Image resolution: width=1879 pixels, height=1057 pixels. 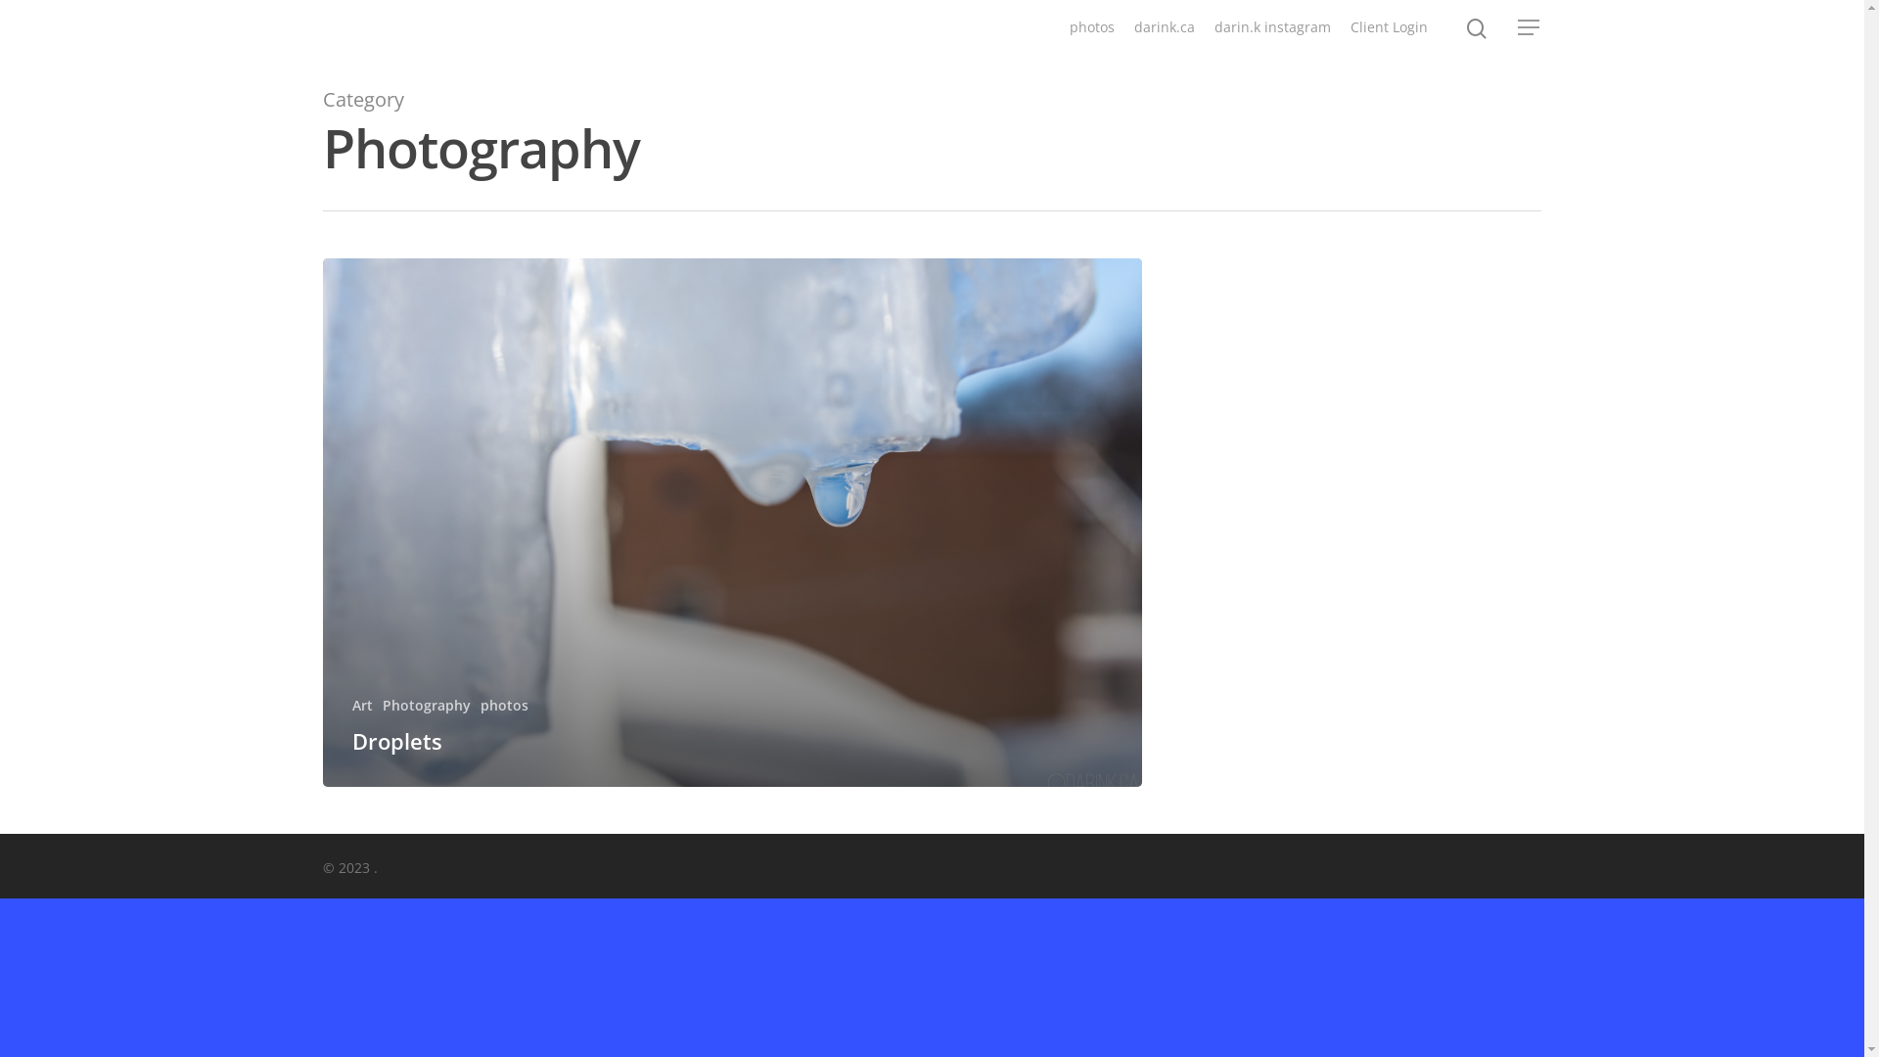 What do you see at coordinates (426, 705) in the screenshot?
I see `'Photography'` at bounding box center [426, 705].